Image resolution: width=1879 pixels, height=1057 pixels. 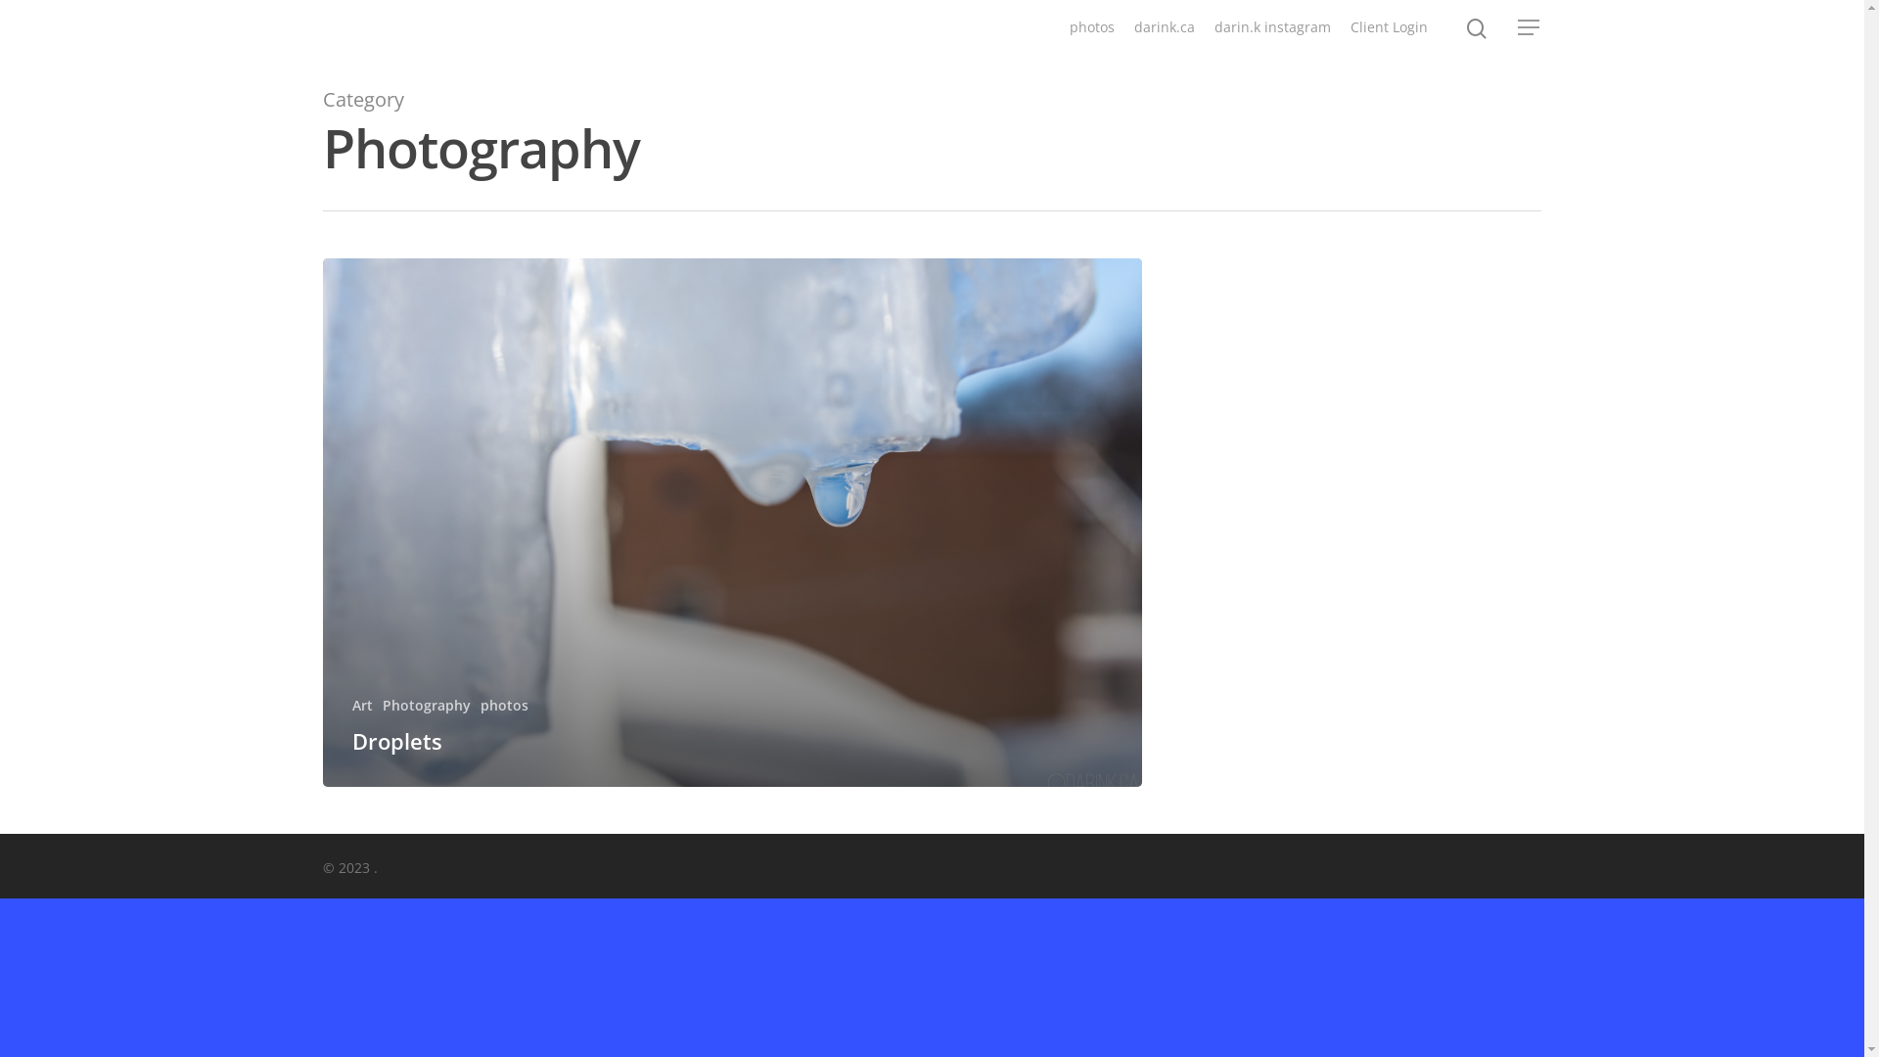 What do you see at coordinates (426, 705) in the screenshot?
I see `'Photography'` at bounding box center [426, 705].